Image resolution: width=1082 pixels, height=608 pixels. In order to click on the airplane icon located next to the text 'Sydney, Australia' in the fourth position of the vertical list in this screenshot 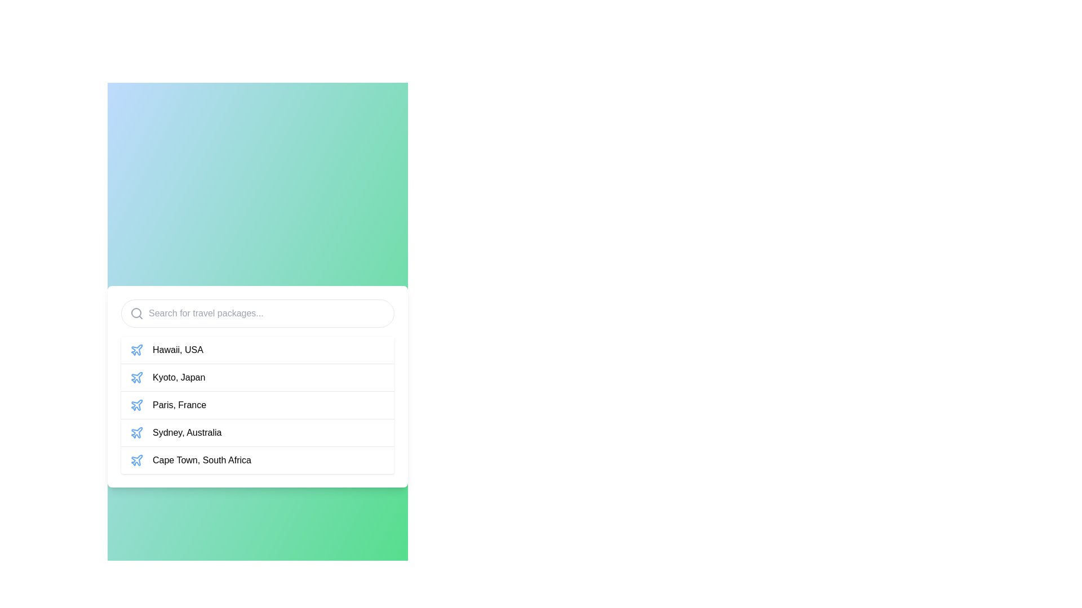, I will do `click(136, 432)`.